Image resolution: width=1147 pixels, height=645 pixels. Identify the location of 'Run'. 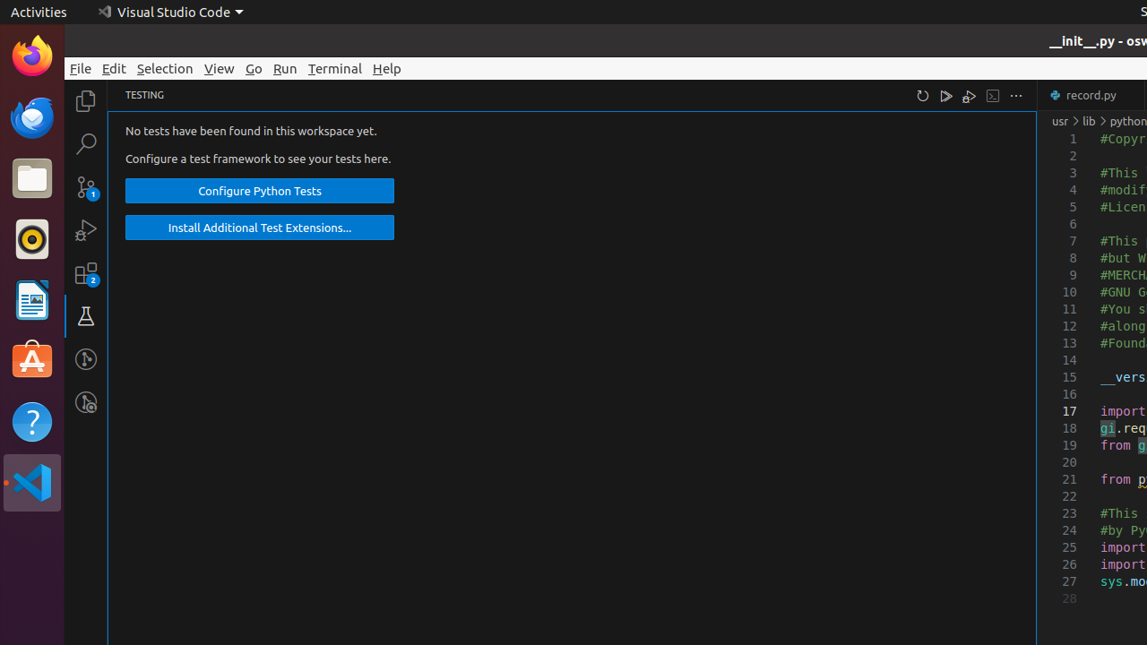
(284, 67).